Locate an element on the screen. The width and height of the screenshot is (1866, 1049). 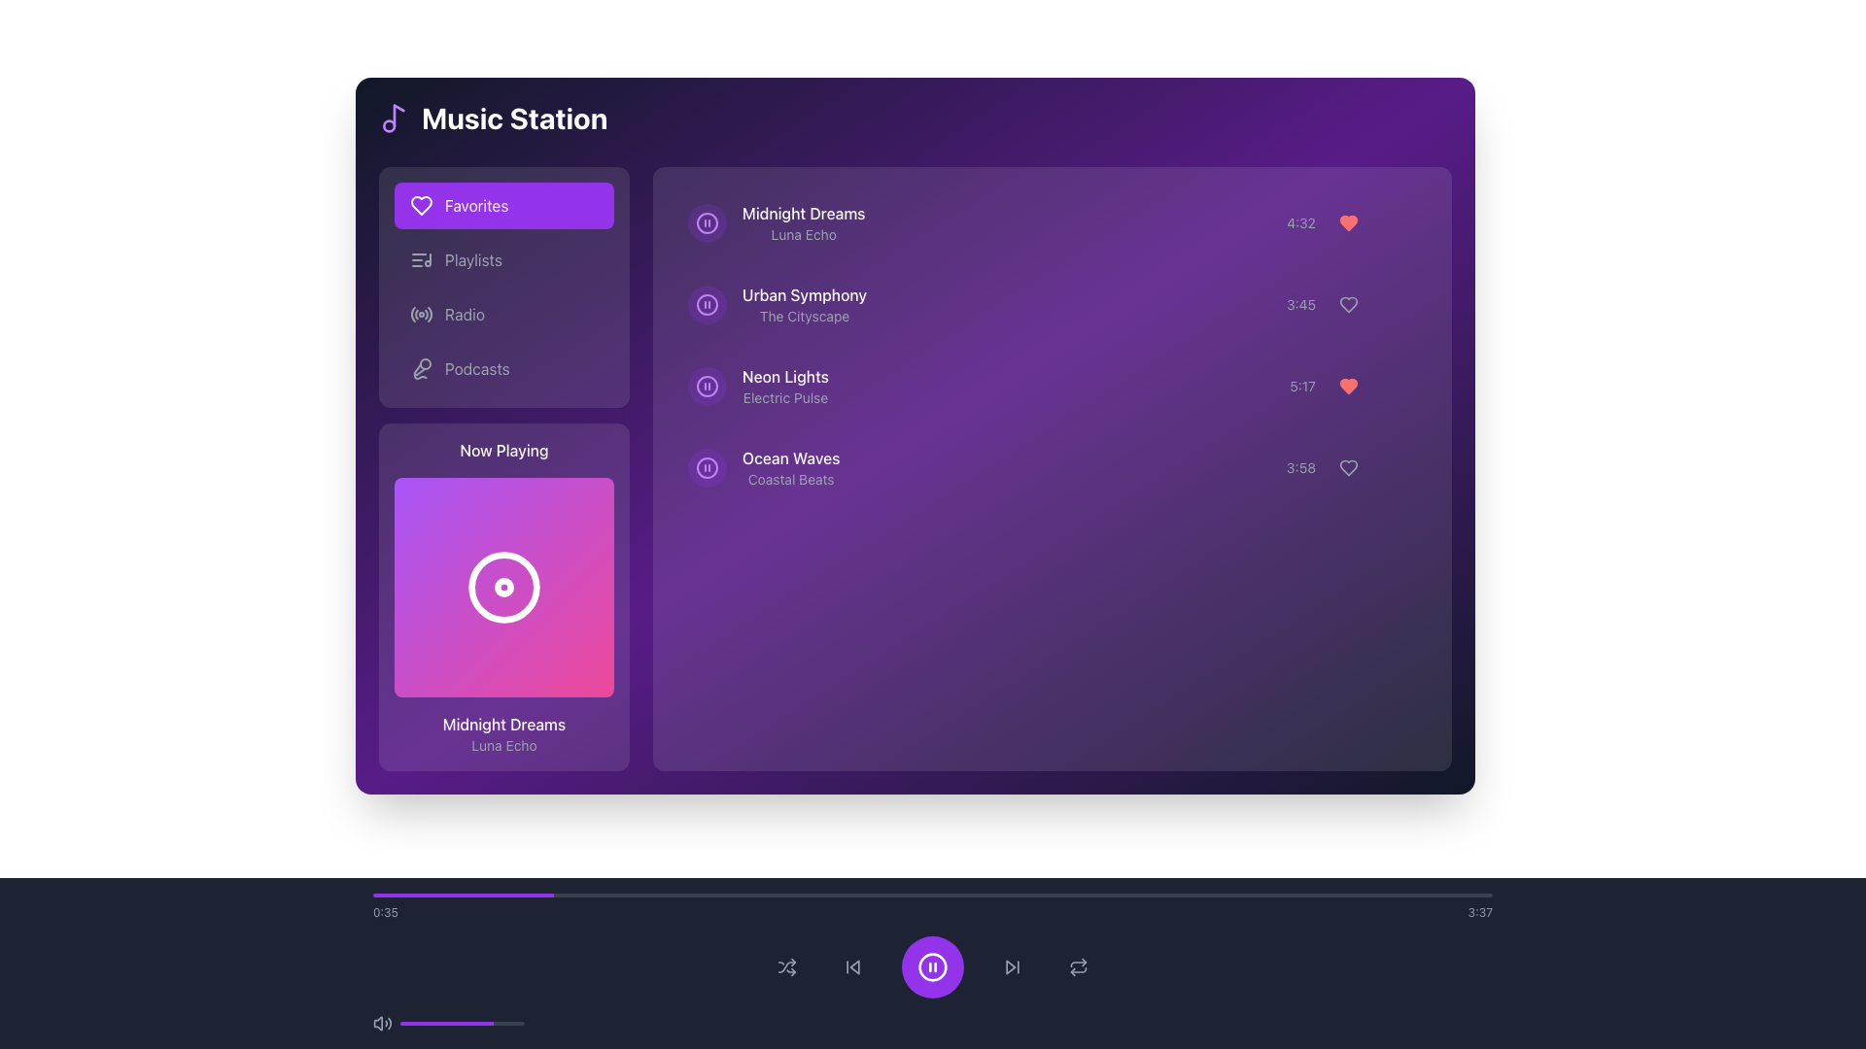
the text label titled 'Neon Lights' that contains two lines of information, with the first line styled in brighter white and the second line in smaller grey font, located in the third row of a vertical list on the right-hand content panel is located at coordinates (785, 386).